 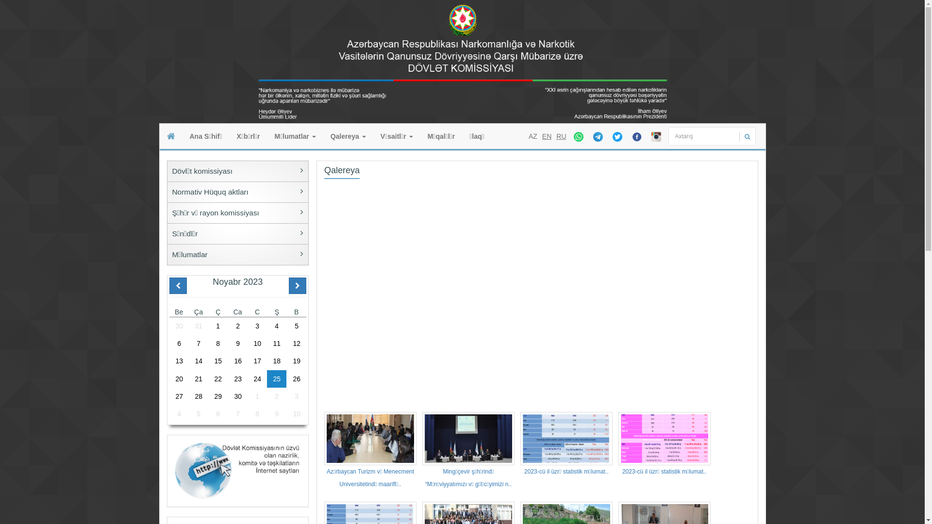 I want to click on '9', so click(x=237, y=343).